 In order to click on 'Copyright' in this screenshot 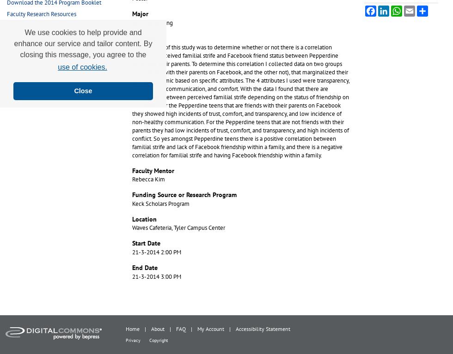, I will do `click(159, 340)`.